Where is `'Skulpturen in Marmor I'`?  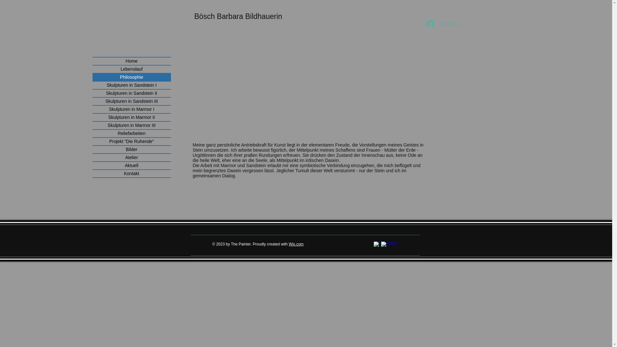
'Skulpturen in Marmor I' is located at coordinates (92, 109).